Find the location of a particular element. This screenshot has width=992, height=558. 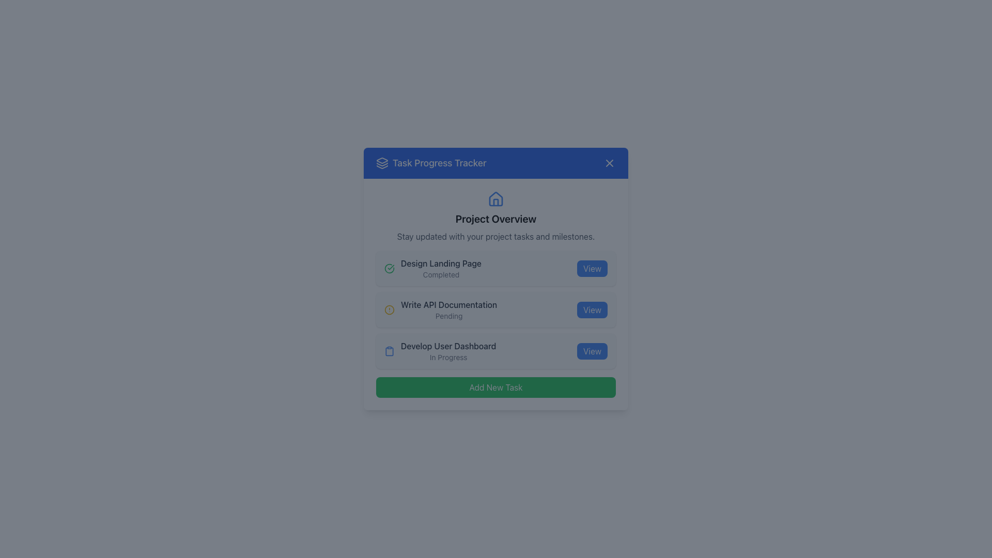

the clipboard icon located to the left of the text 'Develop User Dashboard' within the 'Task Progress Tracker' modal, which is the third item down in the list is located at coordinates (389, 350).